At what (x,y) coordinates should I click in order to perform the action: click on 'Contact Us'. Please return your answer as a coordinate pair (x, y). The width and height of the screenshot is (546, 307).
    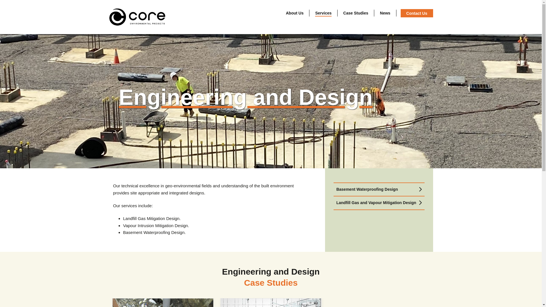
    Looking at the image, I should click on (417, 13).